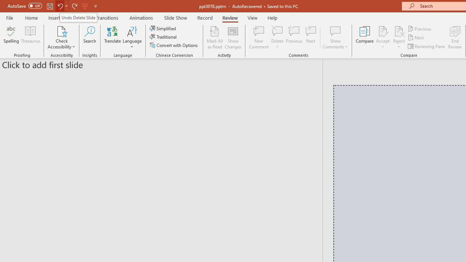 Image resolution: width=466 pixels, height=262 pixels. What do you see at coordinates (399, 37) in the screenshot?
I see `'Reject'` at bounding box center [399, 37].